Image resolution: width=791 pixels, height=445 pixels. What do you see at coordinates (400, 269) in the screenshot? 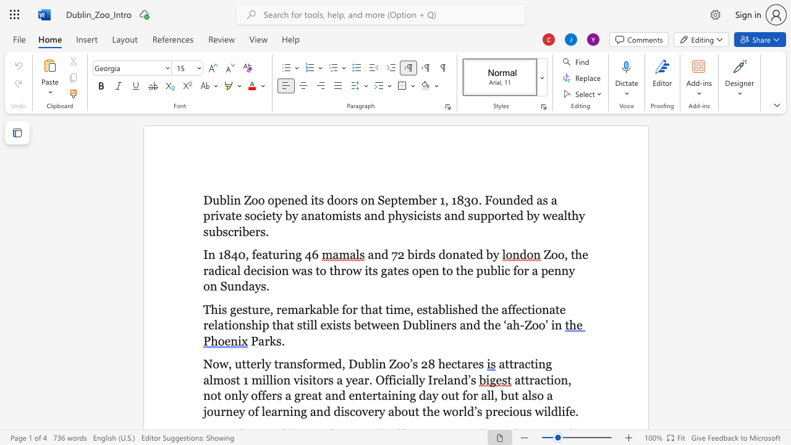
I see `the 3th character "e" in the text` at bounding box center [400, 269].